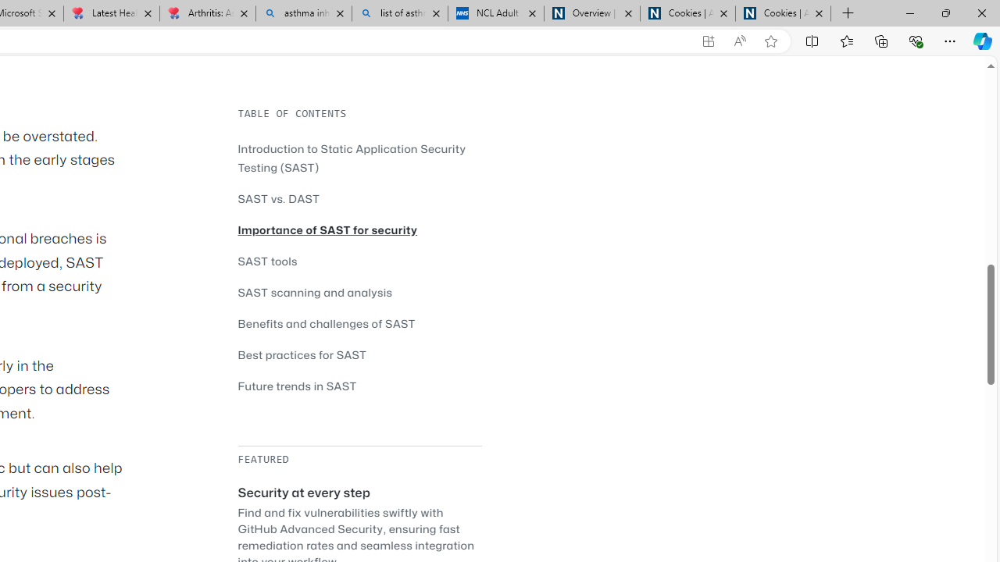 The height and width of the screenshot is (562, 1000). I want to click on 'Cookies | About | NICE', so click(783, 13).